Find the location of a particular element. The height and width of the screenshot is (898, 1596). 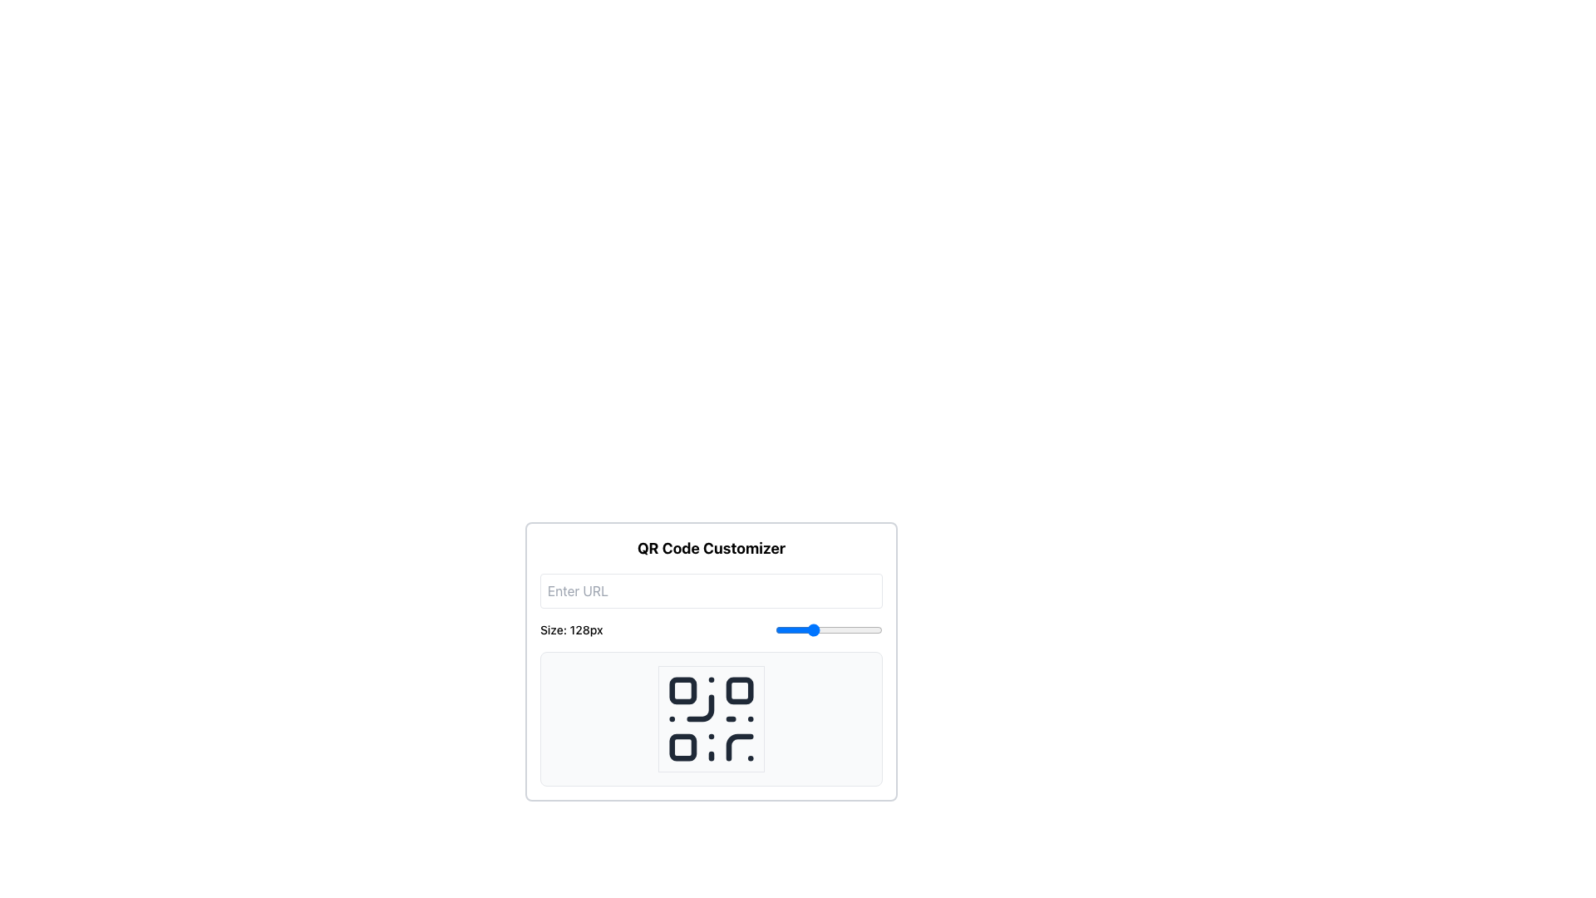

the text label indicating the QR code size, which displays 'Size: 128px', located in the row above the QR code graphic is located at coordinates (571, 630).